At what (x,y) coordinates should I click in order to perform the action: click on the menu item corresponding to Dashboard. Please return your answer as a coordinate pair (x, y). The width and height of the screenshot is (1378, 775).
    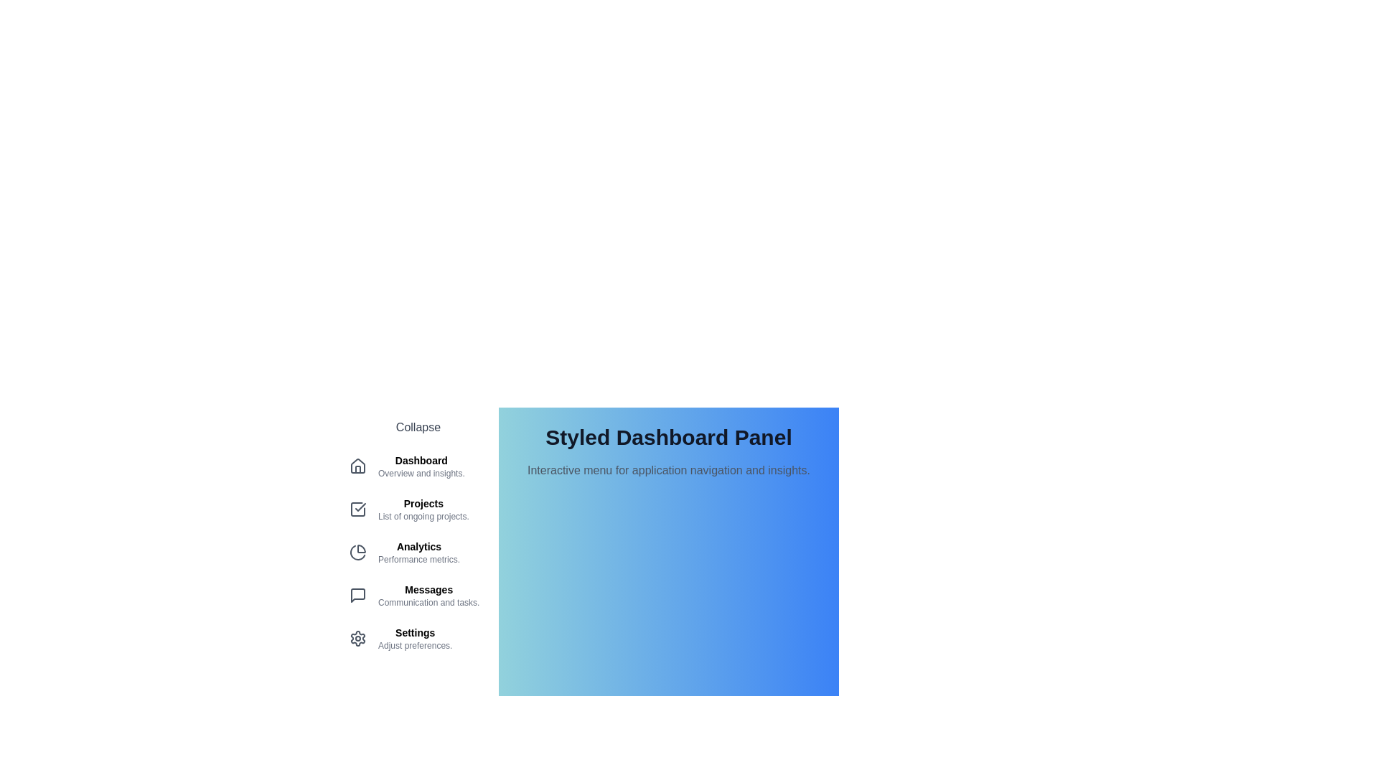
    Looking at the image, I should click on (417, 466).